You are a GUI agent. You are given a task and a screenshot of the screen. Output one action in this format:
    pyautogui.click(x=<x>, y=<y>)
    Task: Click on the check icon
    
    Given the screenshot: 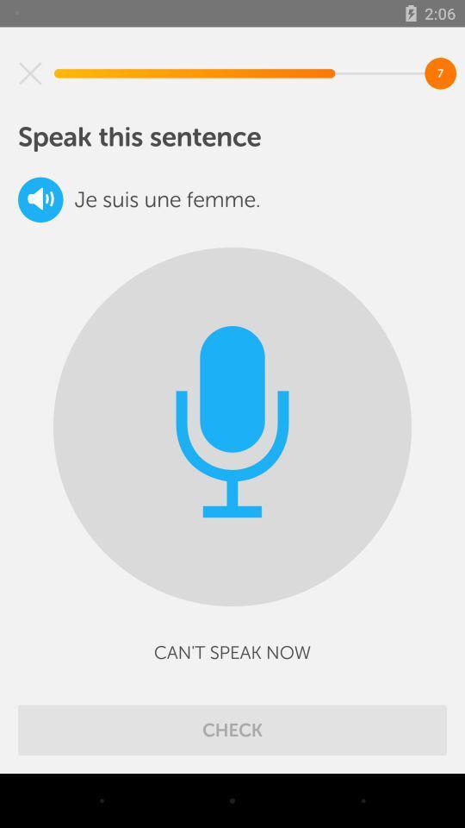 What is the action you would take?
    pyautogui.click(x=232, y=729)
    